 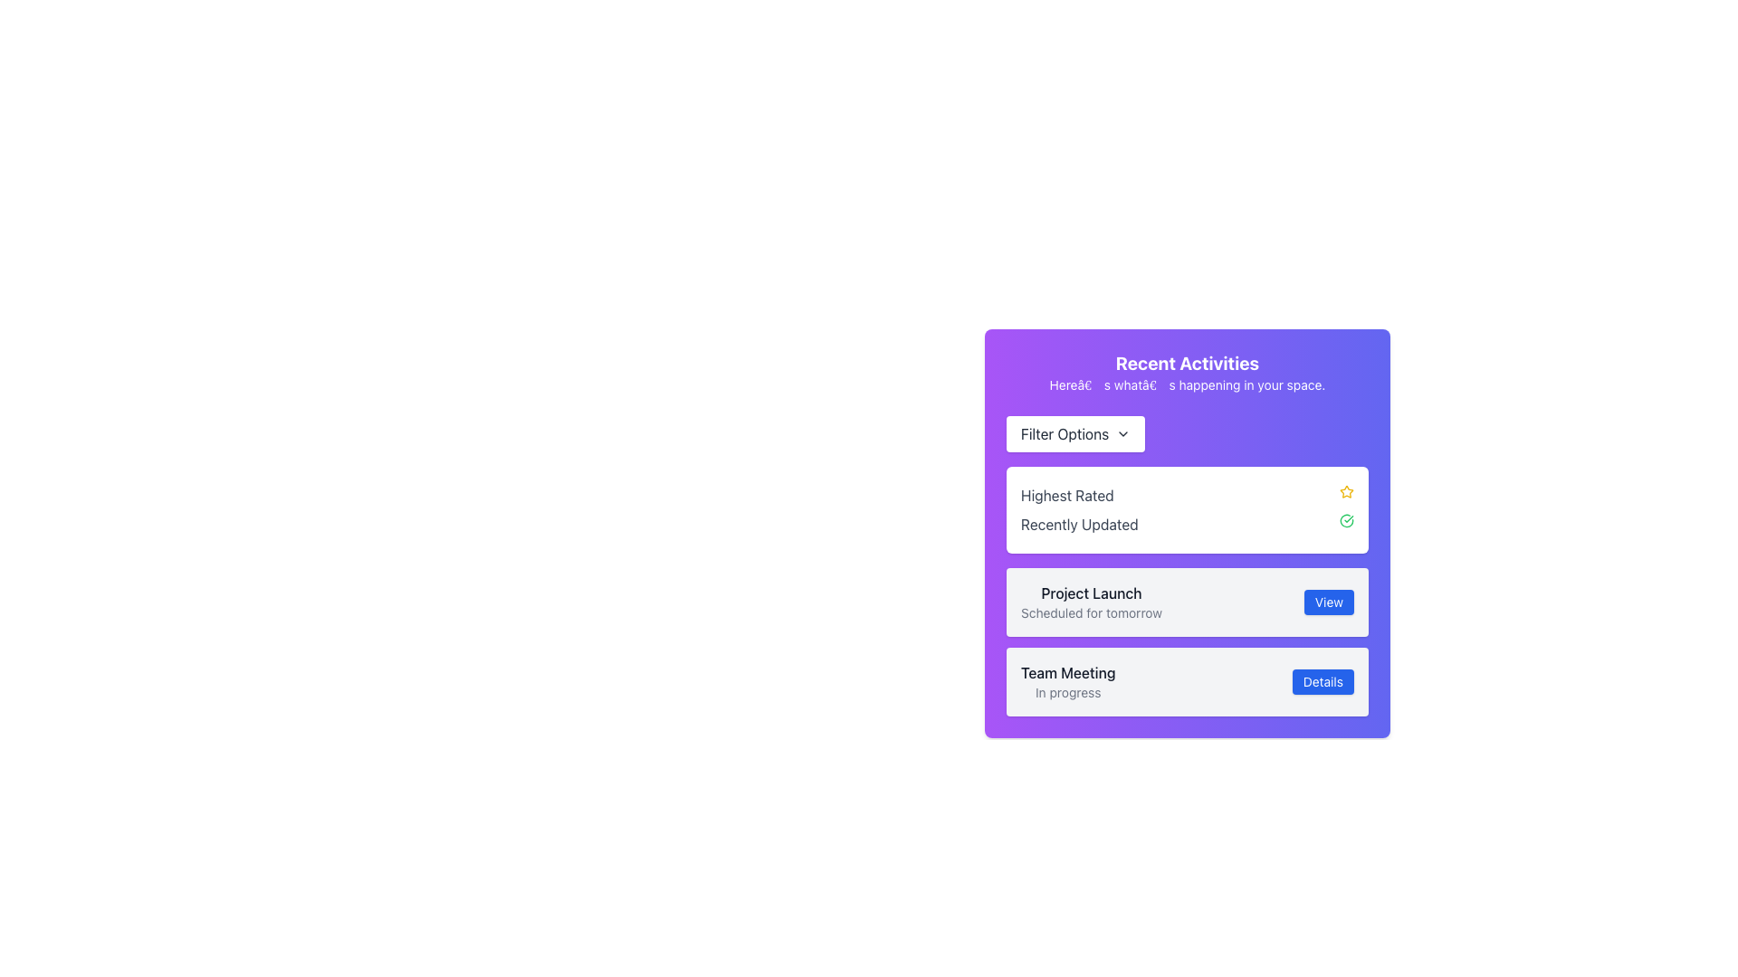 I want to click on the 'Details' button on the 'Team Meeting' entry, so click(x=1187, y=681).